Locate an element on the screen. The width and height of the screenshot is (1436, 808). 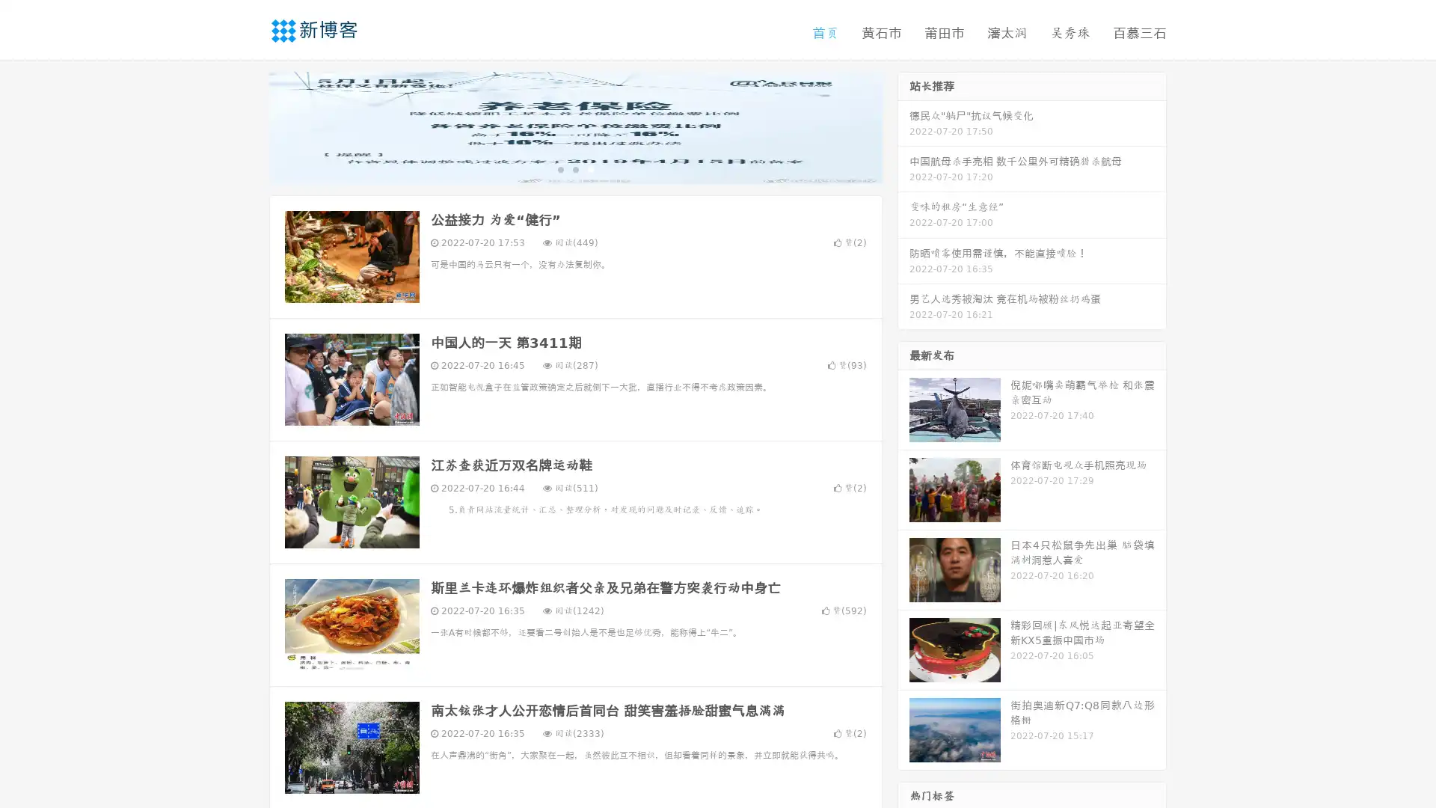
Next slide is located at coordinates (903, 126).